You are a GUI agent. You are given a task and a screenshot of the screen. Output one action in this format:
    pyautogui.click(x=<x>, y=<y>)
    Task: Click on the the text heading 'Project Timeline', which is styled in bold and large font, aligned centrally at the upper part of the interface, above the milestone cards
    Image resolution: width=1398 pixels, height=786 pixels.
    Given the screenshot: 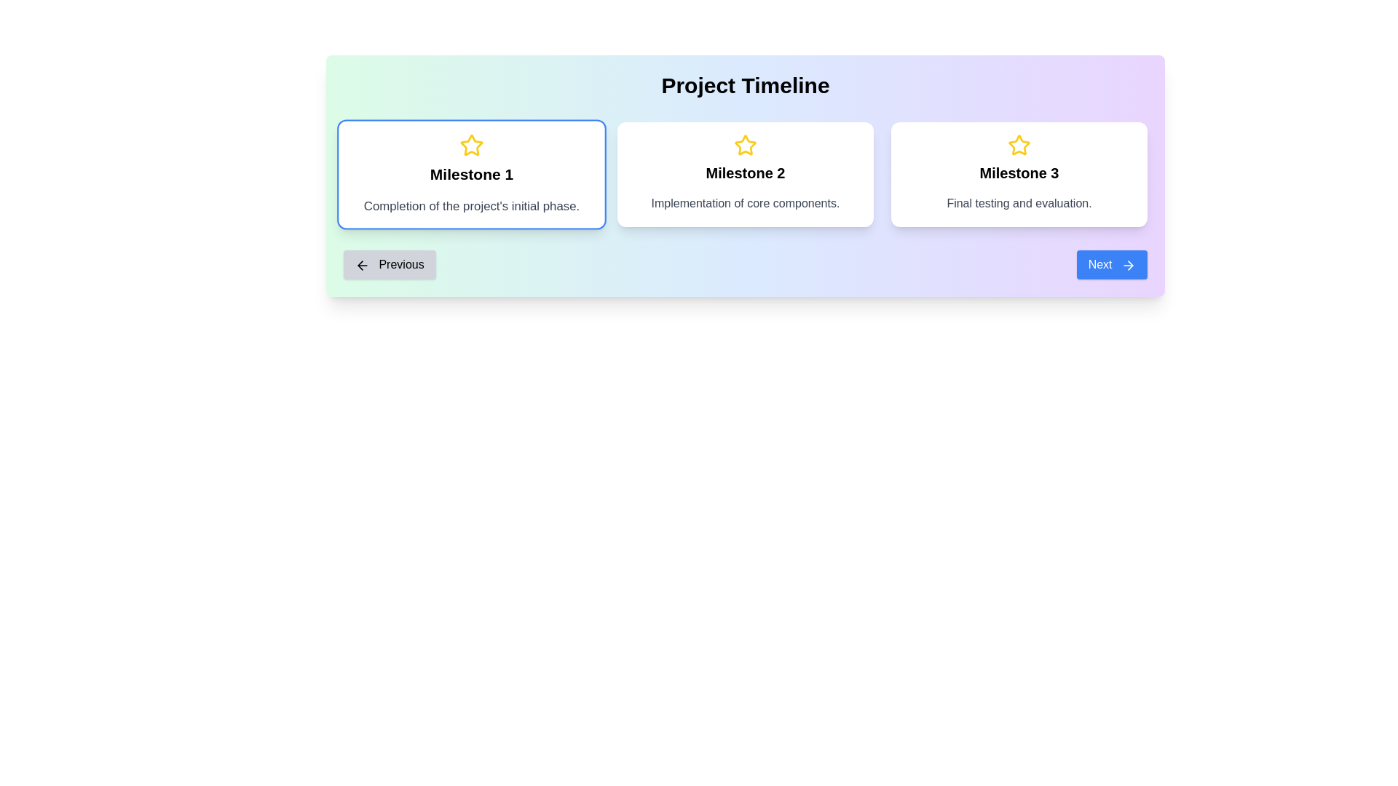 What is the action you would take?
    pyautogui.click(x=745, y=86)
    